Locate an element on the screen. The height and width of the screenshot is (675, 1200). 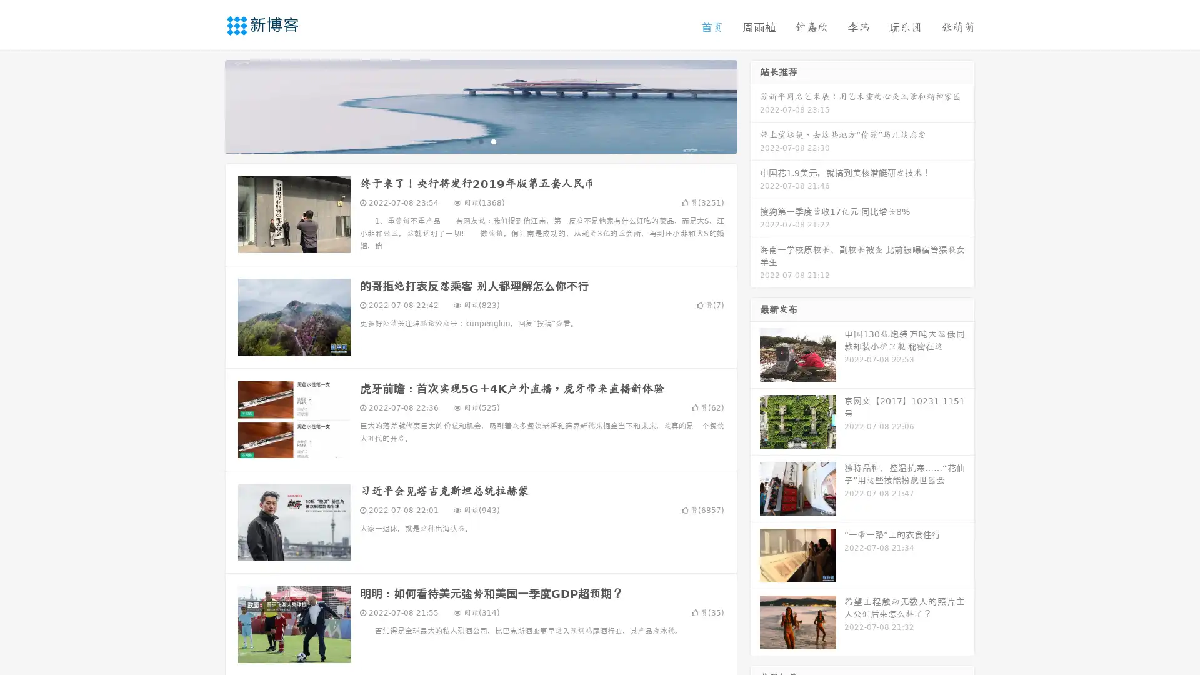
Go to slide 1 is located at coordinates (467, 141).